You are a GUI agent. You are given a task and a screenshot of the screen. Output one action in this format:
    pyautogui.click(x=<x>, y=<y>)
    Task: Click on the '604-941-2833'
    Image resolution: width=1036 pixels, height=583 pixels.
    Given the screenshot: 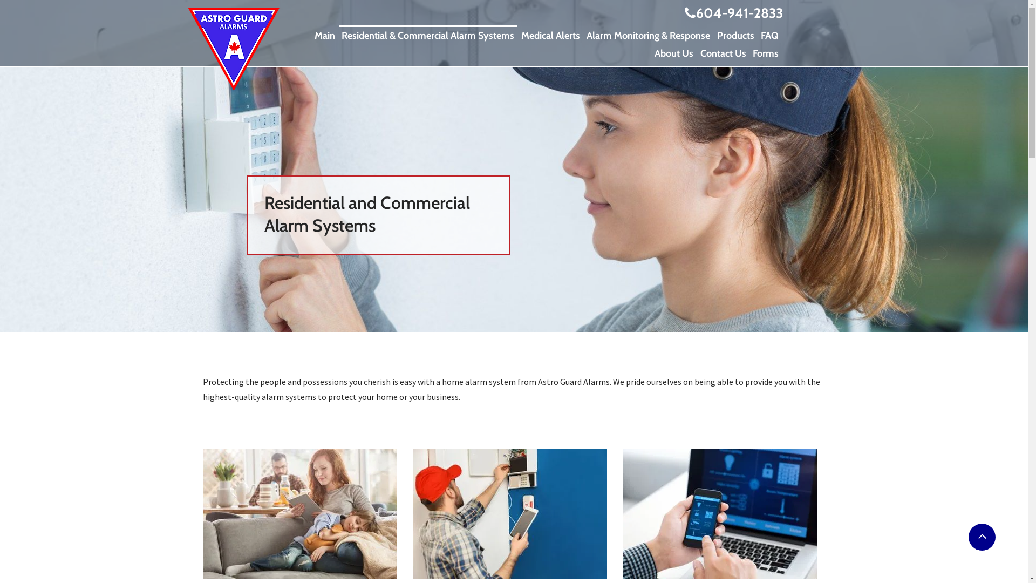 What is the action you would take?
    pyautogui.click(x=732, y=12)
    